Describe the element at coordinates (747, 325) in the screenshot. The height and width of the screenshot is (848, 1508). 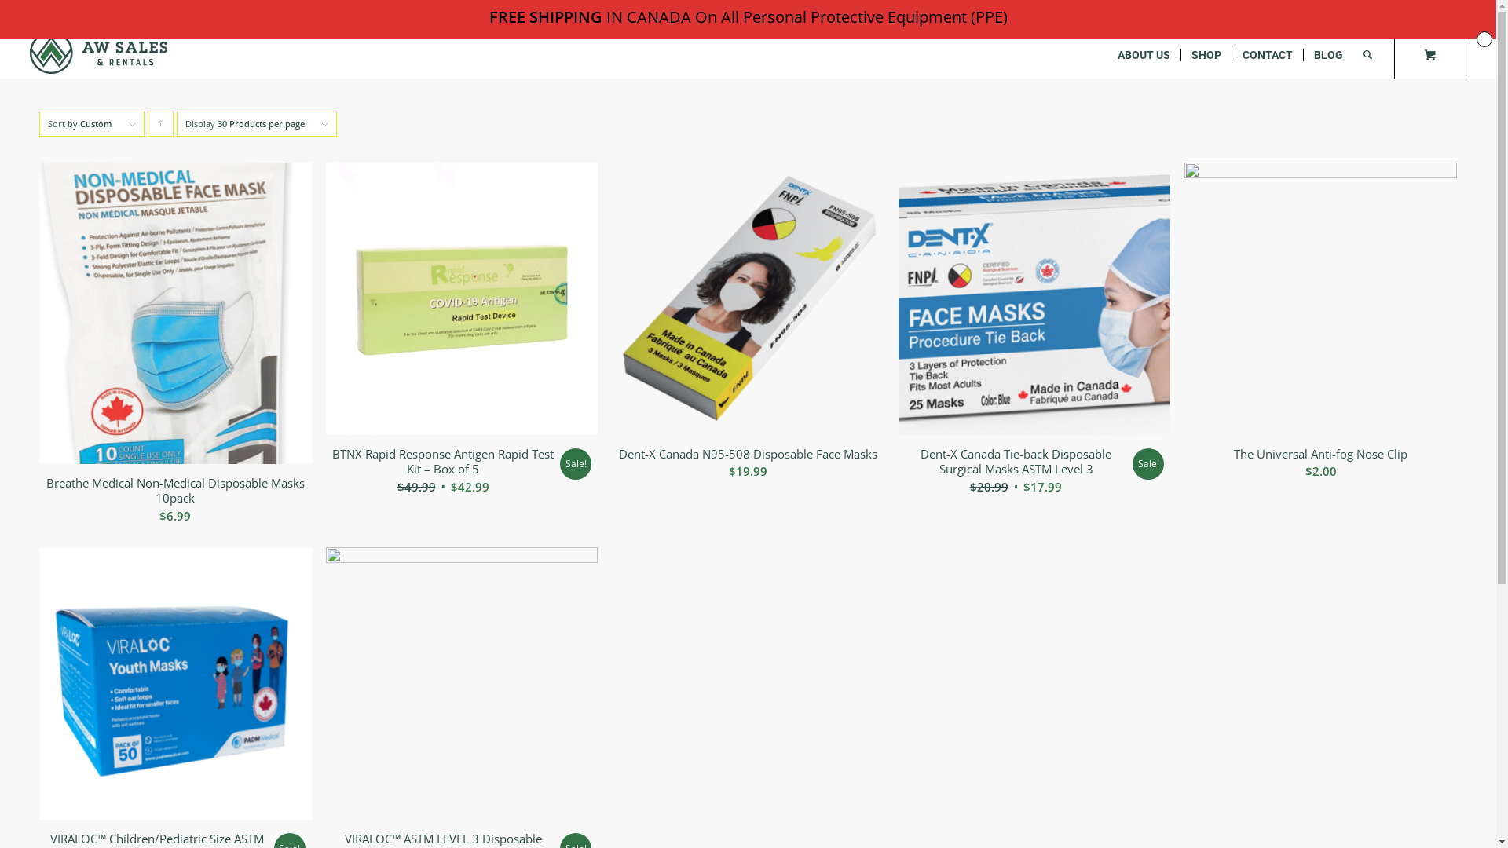
I see `'Dent-X Canada N95-508 Disposable Face Masks` at that location.